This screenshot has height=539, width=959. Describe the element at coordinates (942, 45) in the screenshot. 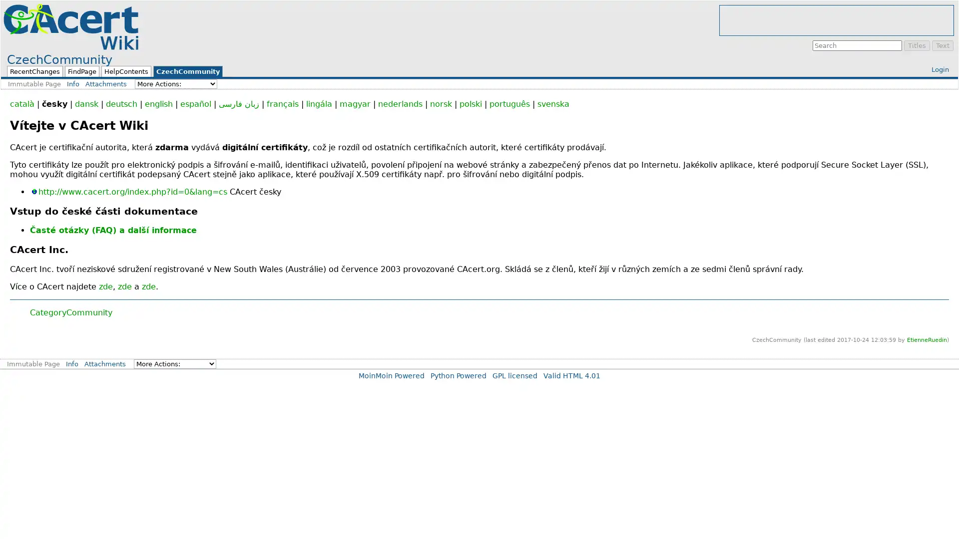

I see `Text` at that location.